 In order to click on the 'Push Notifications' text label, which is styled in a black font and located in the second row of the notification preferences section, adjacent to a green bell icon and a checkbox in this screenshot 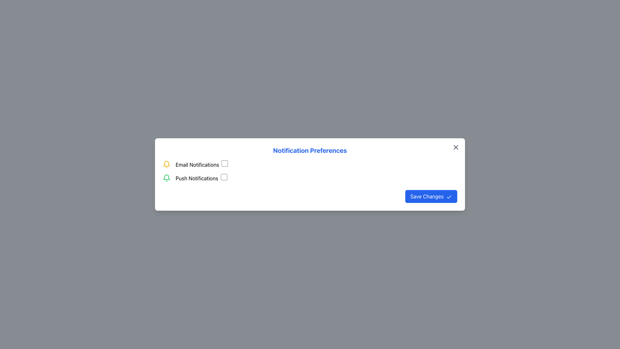, I will do `click(201, 178)`.